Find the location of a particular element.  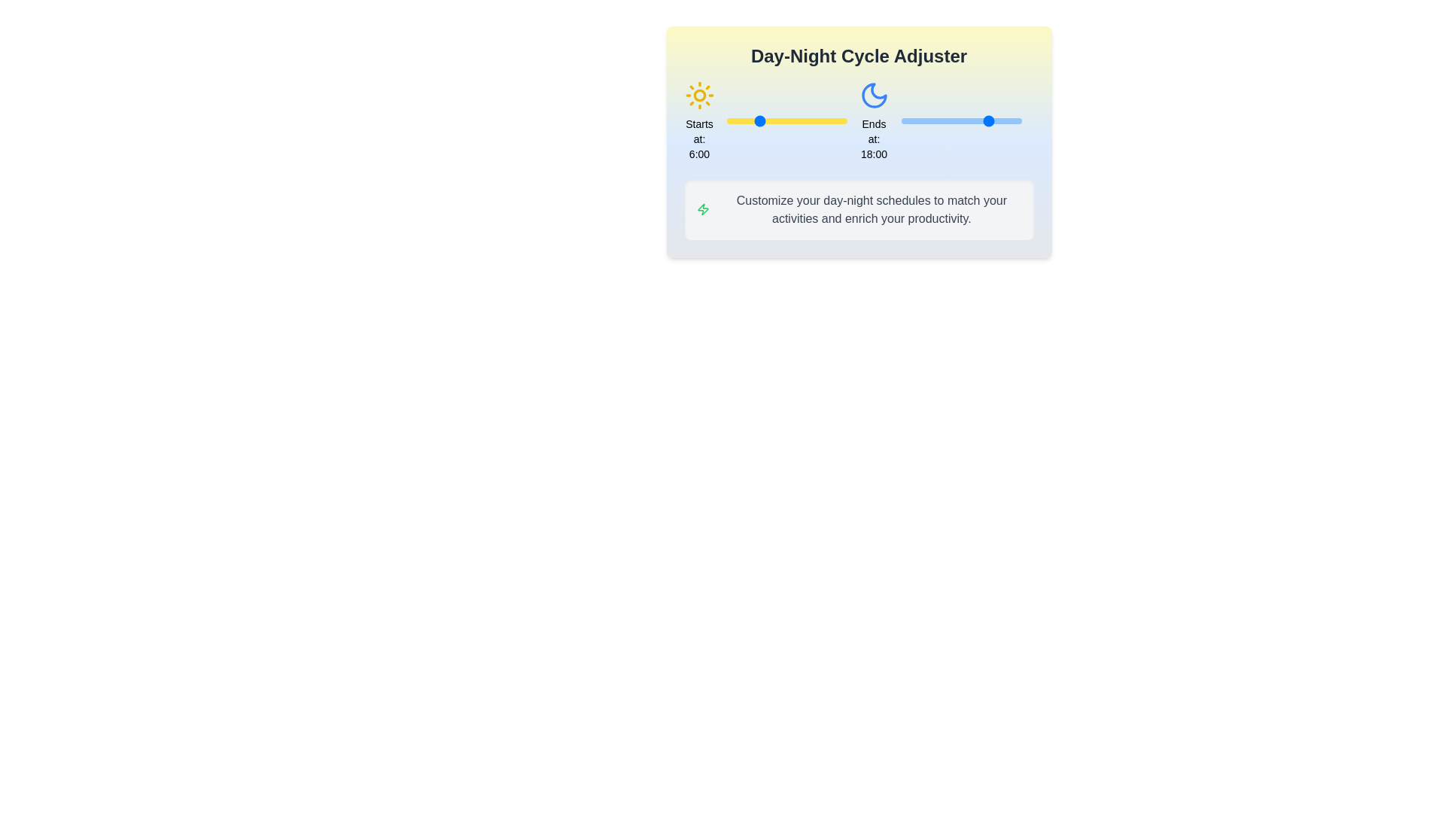

the start time of the day cycle to 4 hours using the left slider is located at coordinates (747, 120).